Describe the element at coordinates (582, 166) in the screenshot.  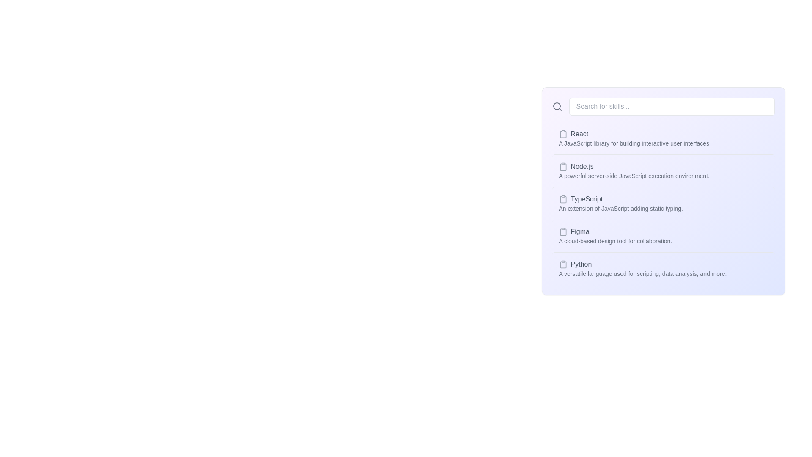
I see `the 'Node.js' text label element, which is styled with a medium-sized font and gray color, located in a vertical list adjacent to a clipboard icon` at that location.